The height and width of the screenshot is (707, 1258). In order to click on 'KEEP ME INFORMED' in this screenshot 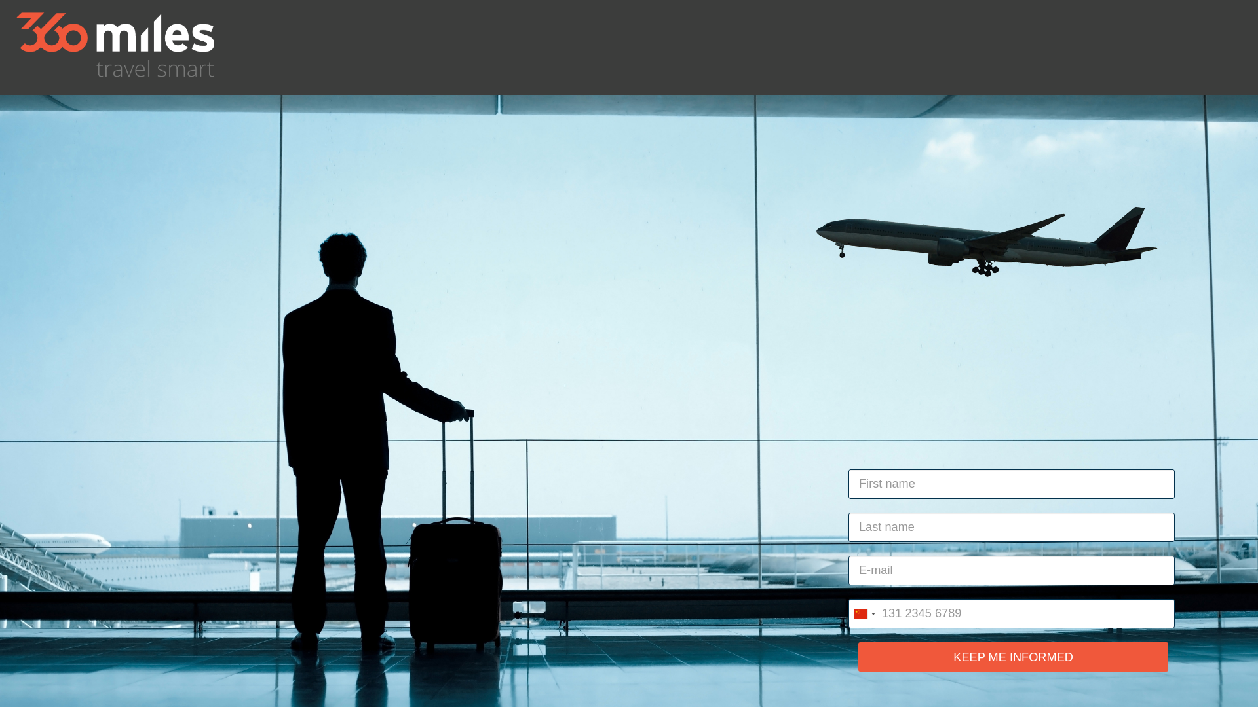, I will do `click(1012, 657)`.